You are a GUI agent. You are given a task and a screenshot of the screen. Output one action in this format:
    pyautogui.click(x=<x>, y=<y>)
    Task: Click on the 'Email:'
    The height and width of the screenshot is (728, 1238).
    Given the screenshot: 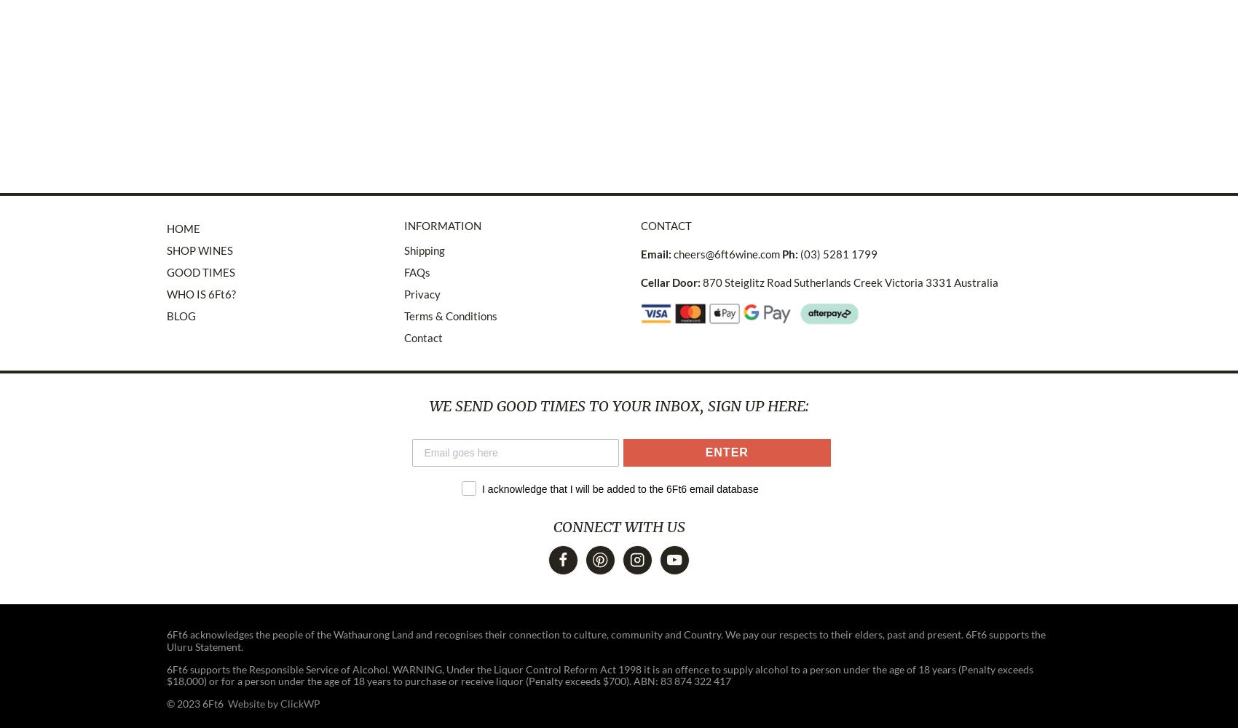 What is the action you would take?
    pyautogui.click(x=640, y=253)
    